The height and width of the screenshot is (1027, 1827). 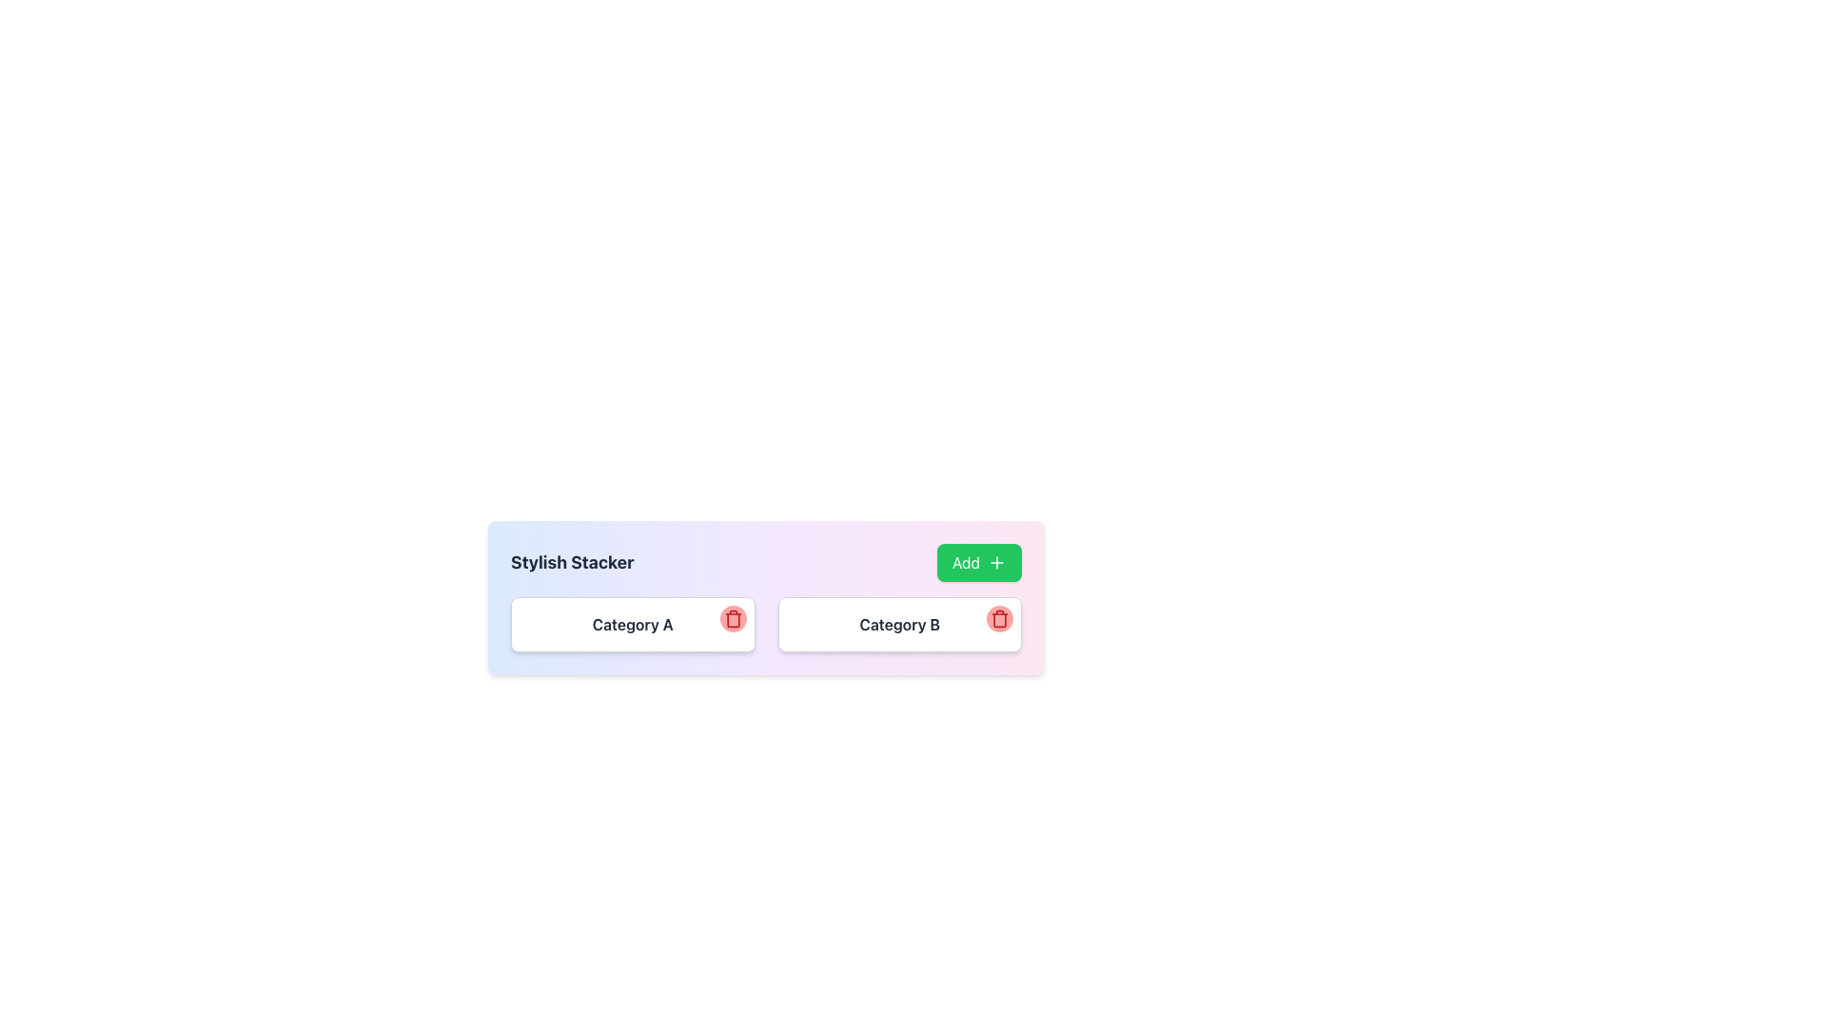 What do you see at coordinates (995, 561) in the screenshot?
I see `the plus sign icon within the green 'Add' button located in the top right corner` at bounding box center [995, 561].